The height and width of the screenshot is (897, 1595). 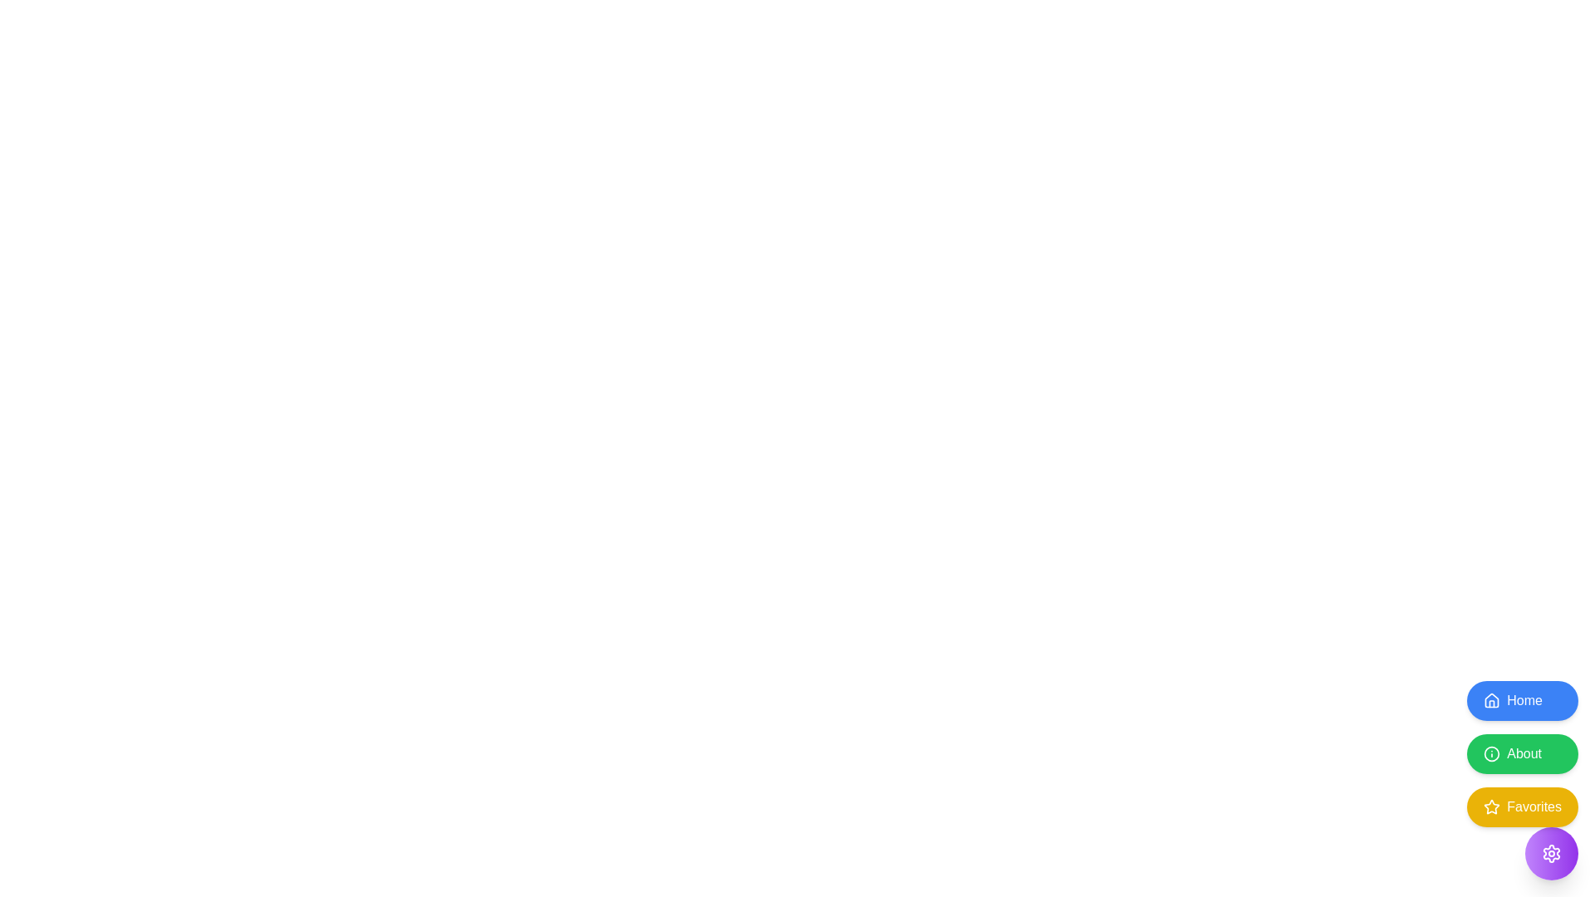 I want to click on the 'Favorites' button, which is styled with a yellow background, white text, and has a star icon to the left, located below the 'About' button in the bottom-right corner of the interface, so click(x=1523, y=806).